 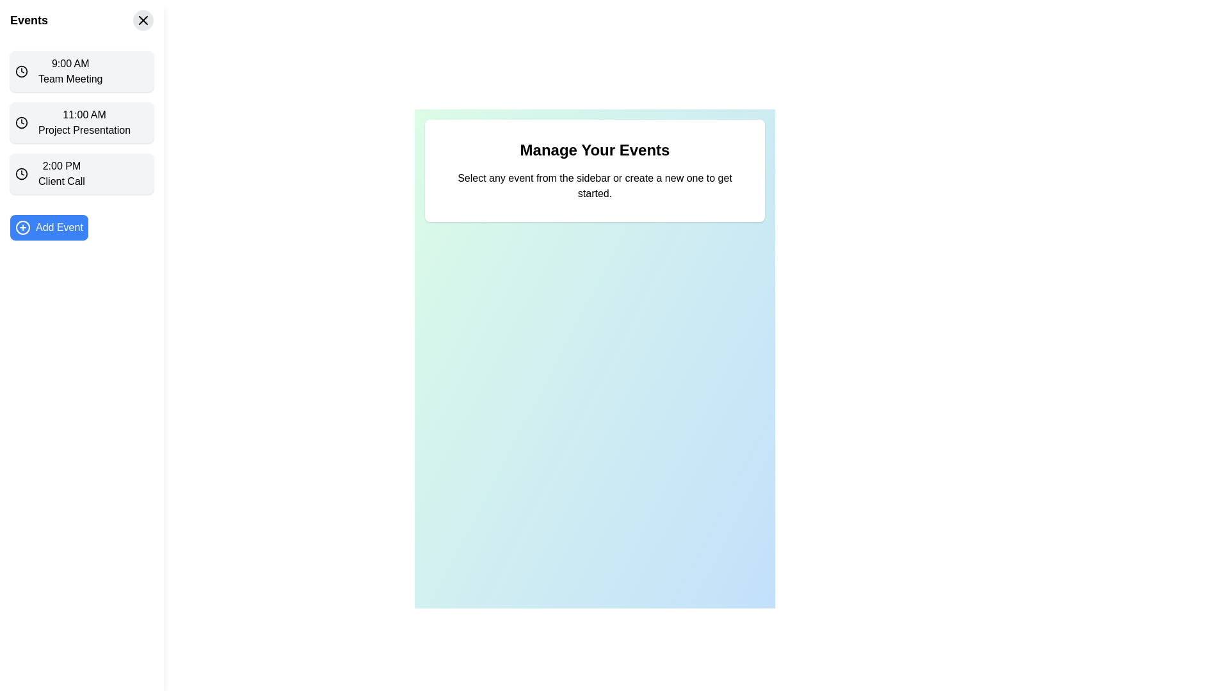 What do you see at coordinates (81, 174) in the screenshot?
I see `the A list item in the schedule or event list, which features a clock icon and the text '2:00 PM' and 'Client Call'` at bounding box center [81, 174].